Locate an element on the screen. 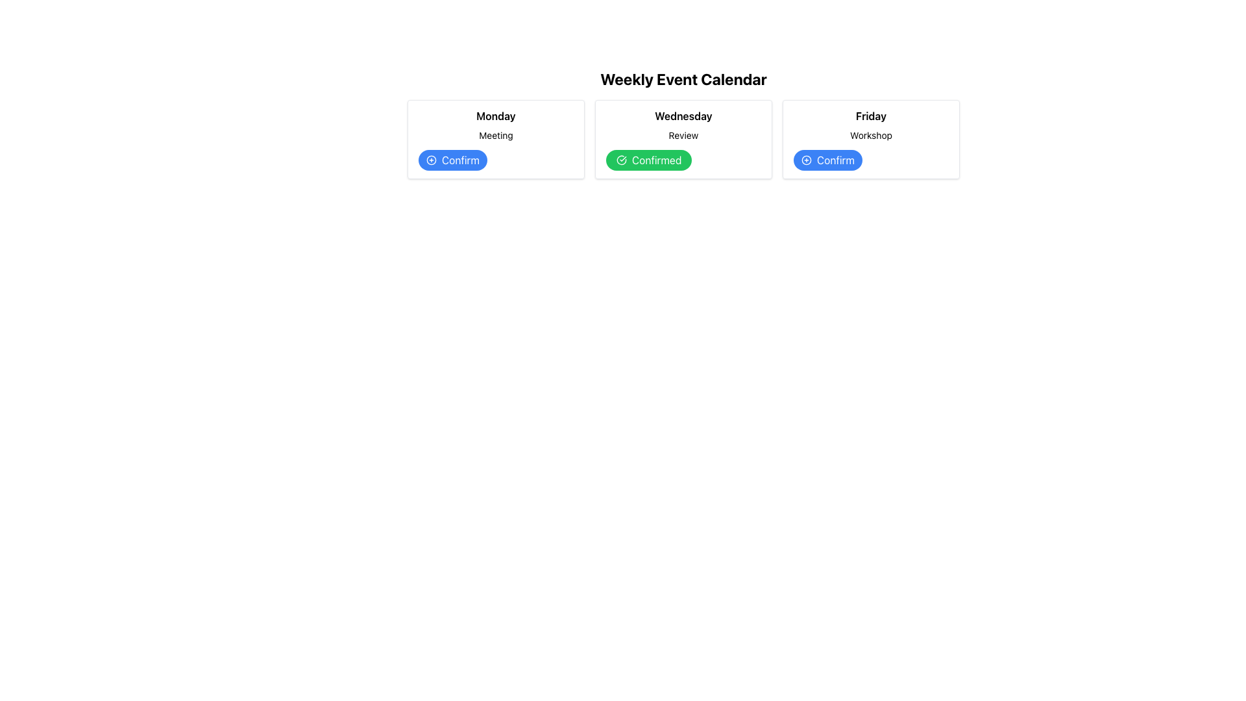 The width and height of the screenshot is (1246, 701). the button labeled 'Confirm' under 'Monday', which contains the SVG circle element, for interaction is located at coordinates (432, 159).